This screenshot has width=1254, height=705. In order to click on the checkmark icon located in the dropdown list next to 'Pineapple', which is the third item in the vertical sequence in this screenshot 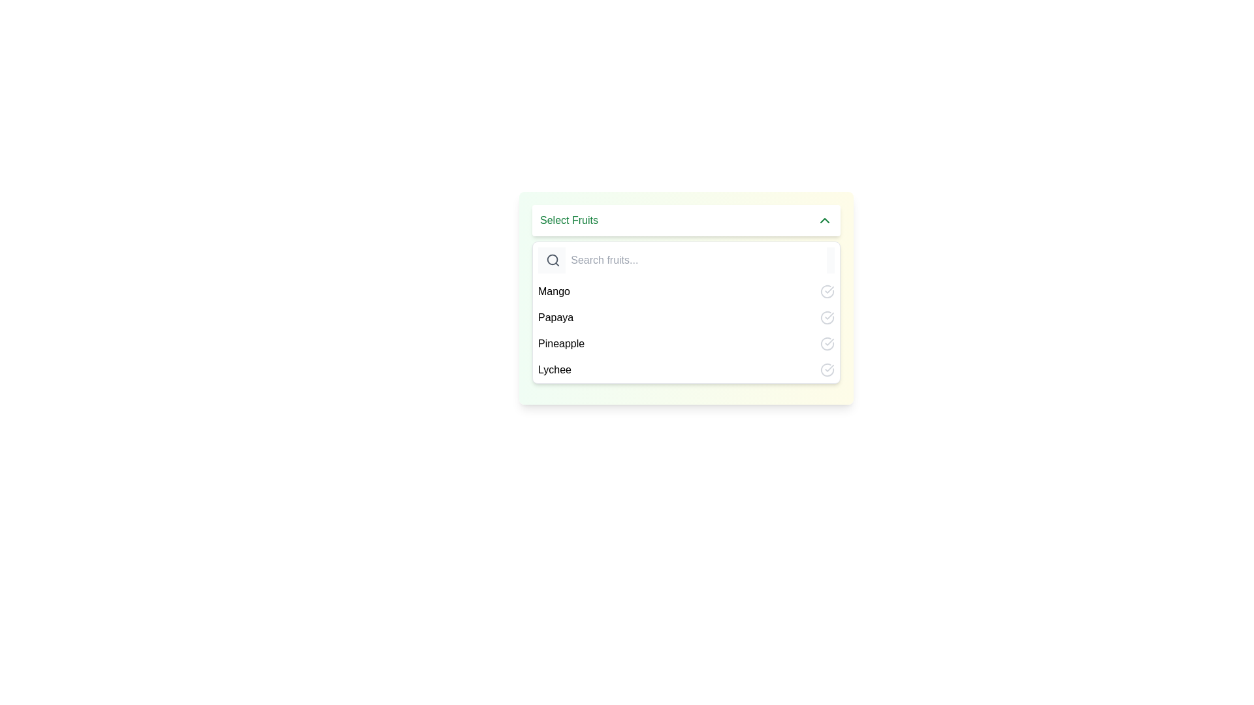, I will do `click(829, 341)`.